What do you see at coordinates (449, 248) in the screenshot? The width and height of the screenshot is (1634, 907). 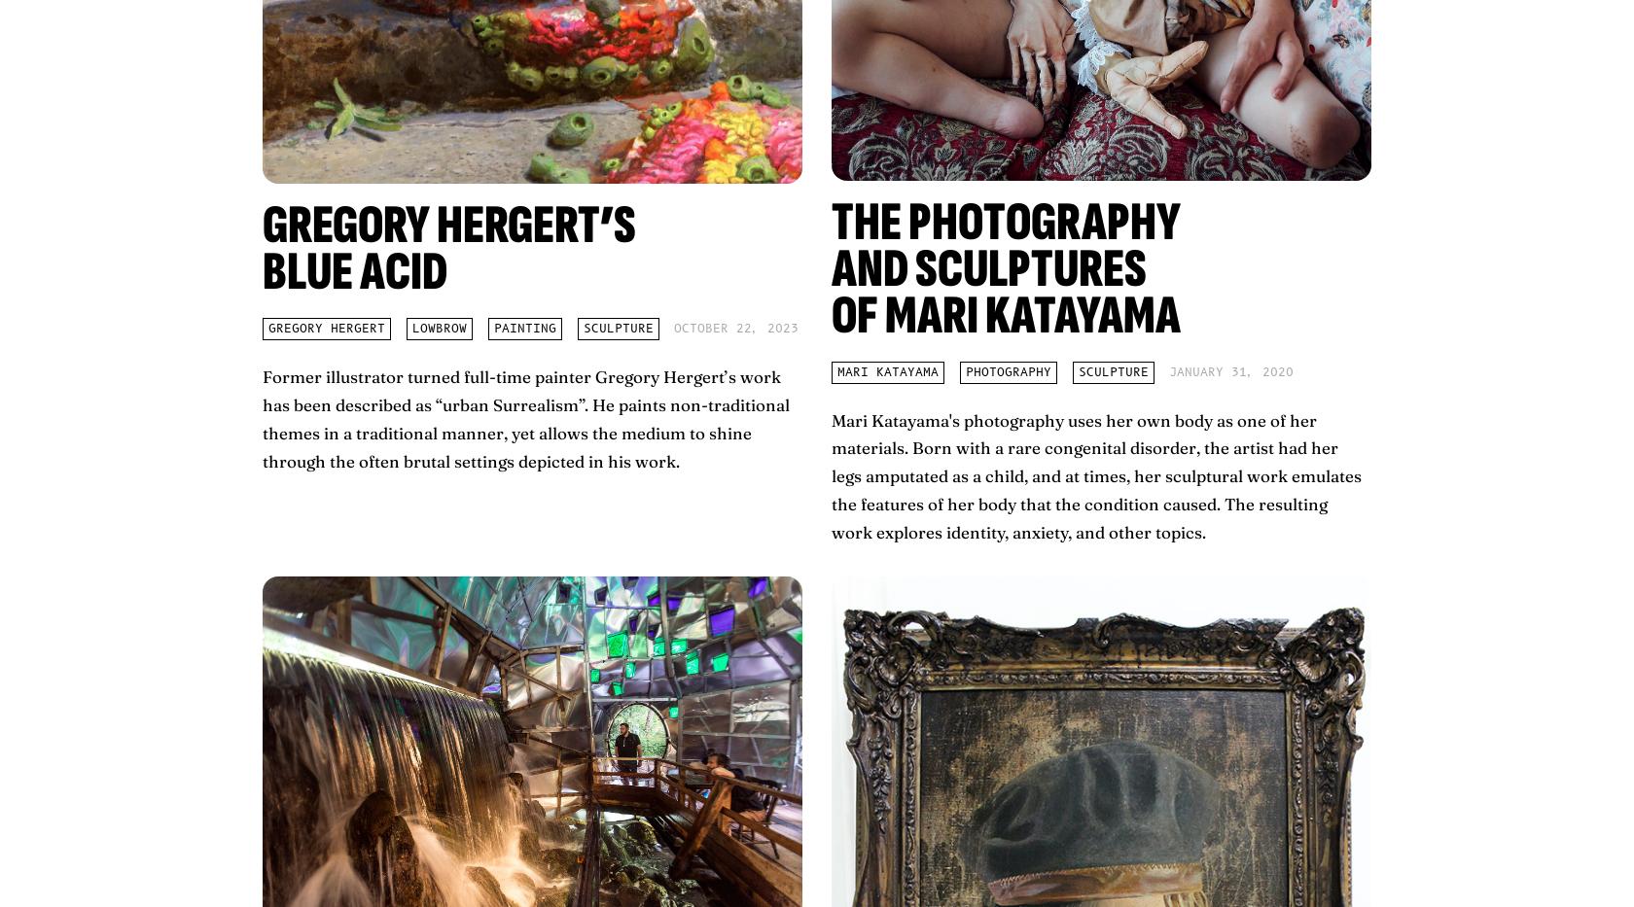 I see `'Gregory Hergert’s Blue Acid'` at bounding box center [449, 248].